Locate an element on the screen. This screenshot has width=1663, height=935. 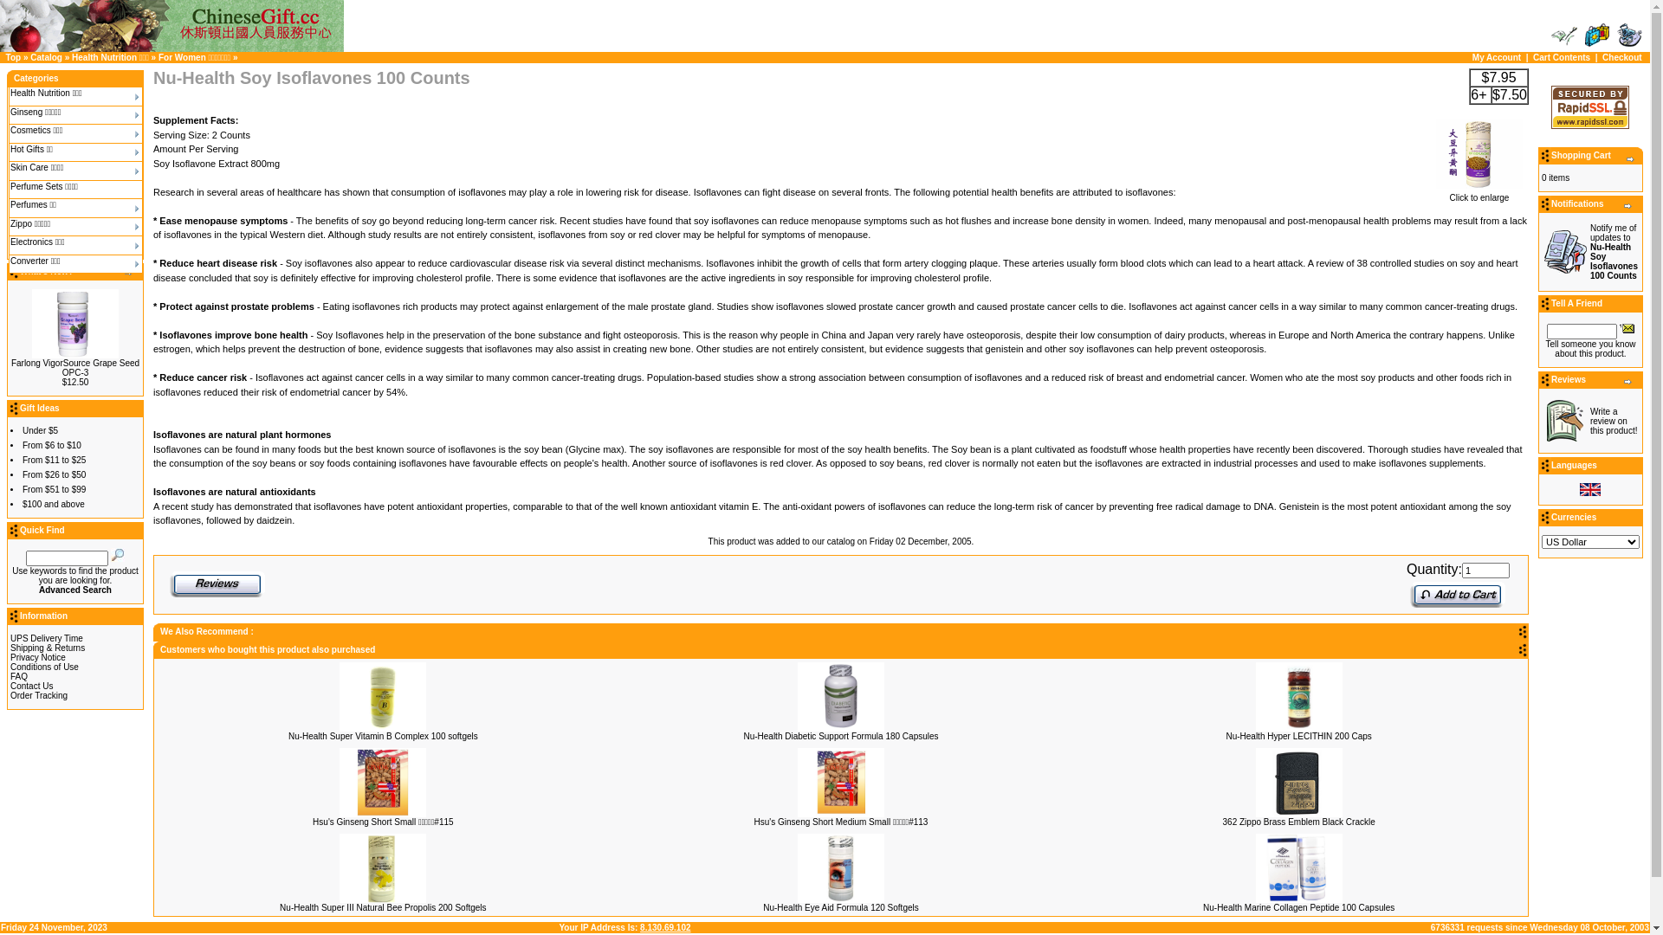
' Nu-Health Hyper LECITHIN 200 Caps ' is located at coordinates (1298, 694).